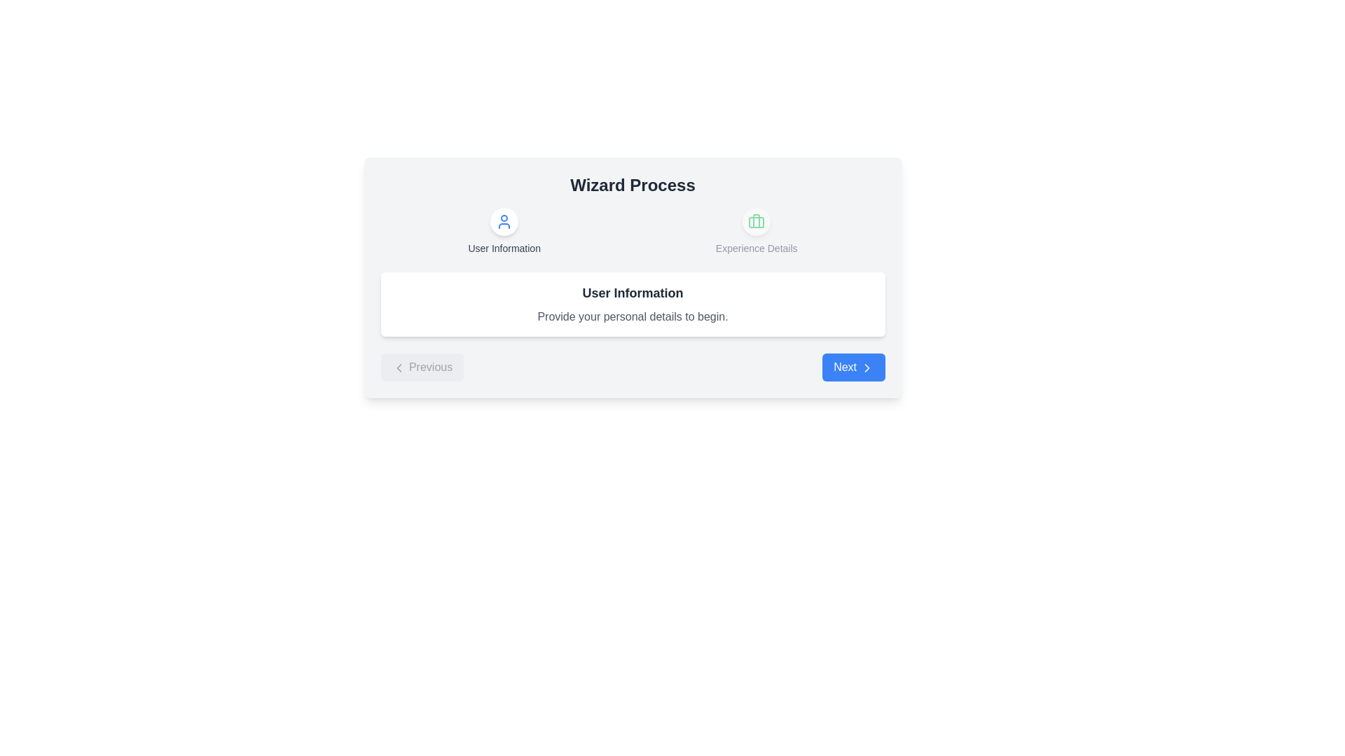  I want to click on the text label that displays 'User Information' in gray color, located at the top center of the interface, so click(504, 247).